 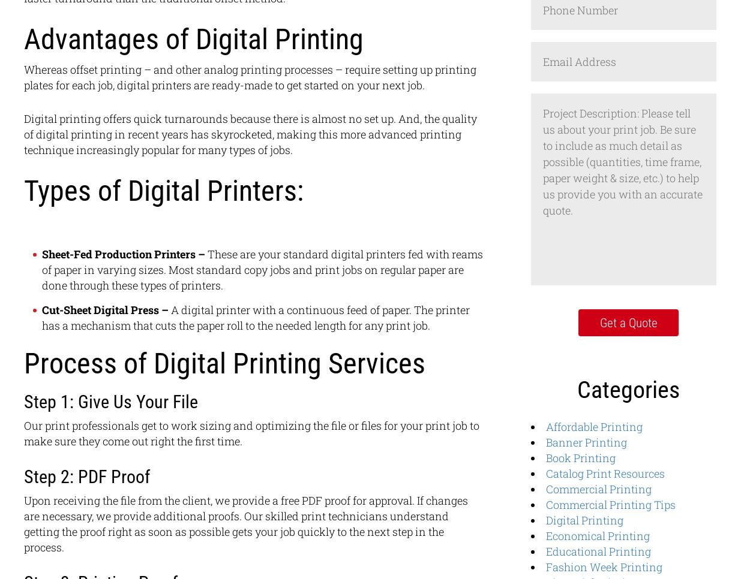 I want to click on 'A digital printer with a continuous feed of paper. The printer has a mechanism that cuts the paper roll to the needed length for any print job.', so click(x=41, y=318).